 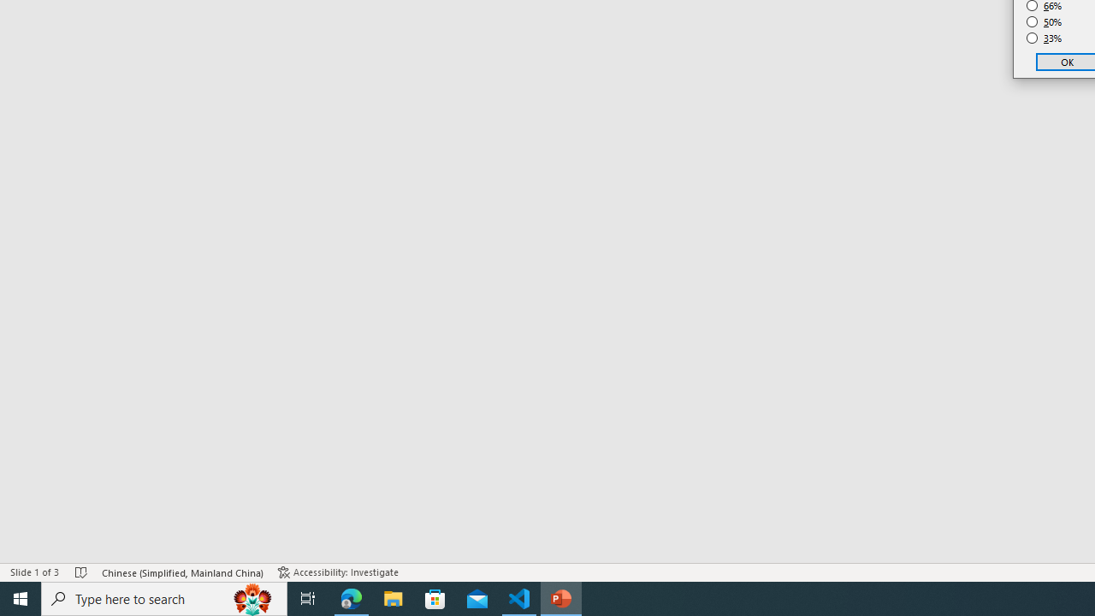 I want to click on '33%', so click(x=1044, y=38).